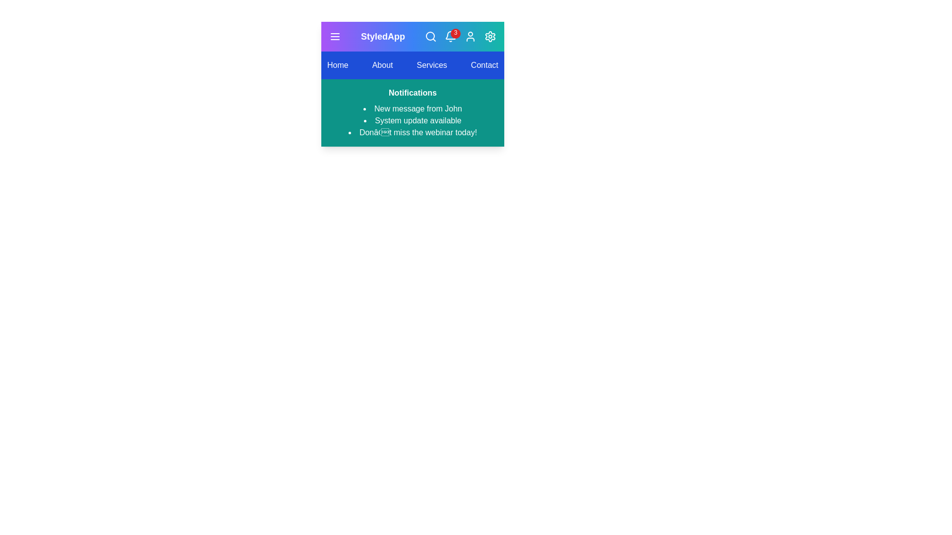  What do you see at coordinates (470, 36) in the screenshot?
I see `the user-related icon located second-to-last in the top-right row of interactive elements to trigger a tooltip` at bounding box center [470, 36].